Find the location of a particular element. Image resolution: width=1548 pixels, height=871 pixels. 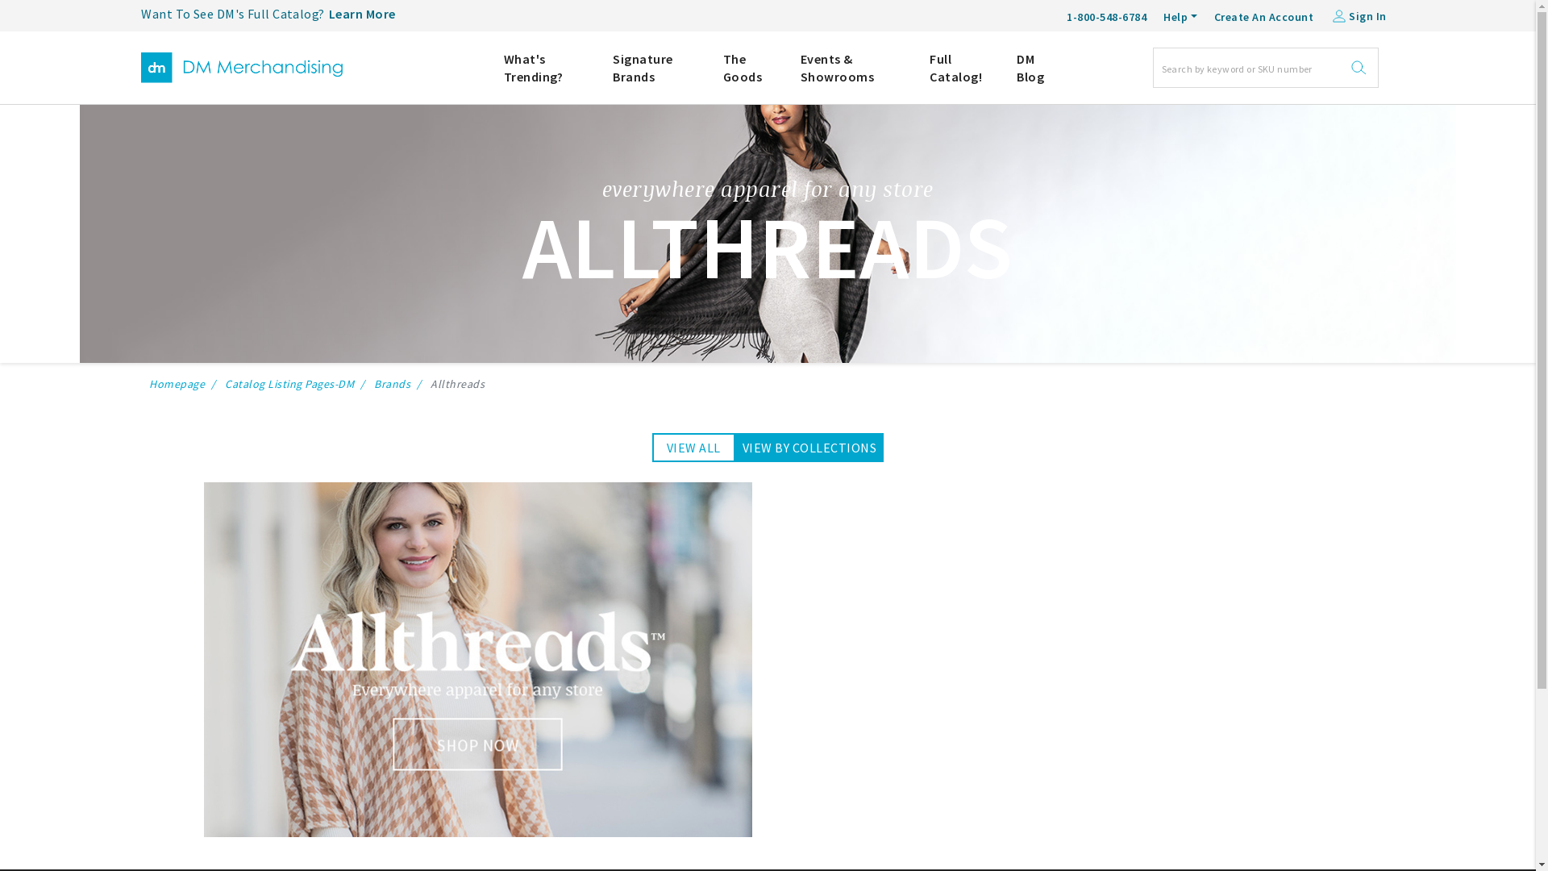

'Events & Showrooms' is located at coordinates (851, 67).